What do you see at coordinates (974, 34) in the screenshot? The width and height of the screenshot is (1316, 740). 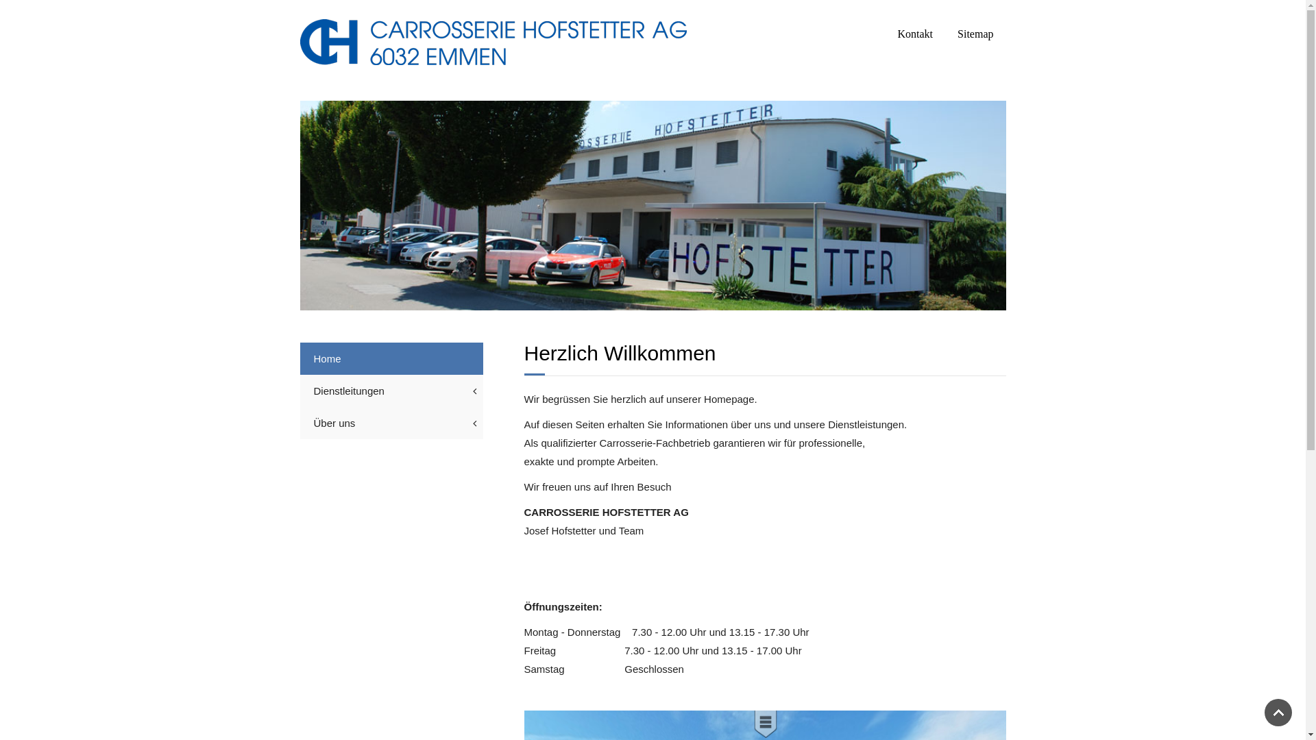 I see `'Sitemap'` at bounding box center [974, 34].